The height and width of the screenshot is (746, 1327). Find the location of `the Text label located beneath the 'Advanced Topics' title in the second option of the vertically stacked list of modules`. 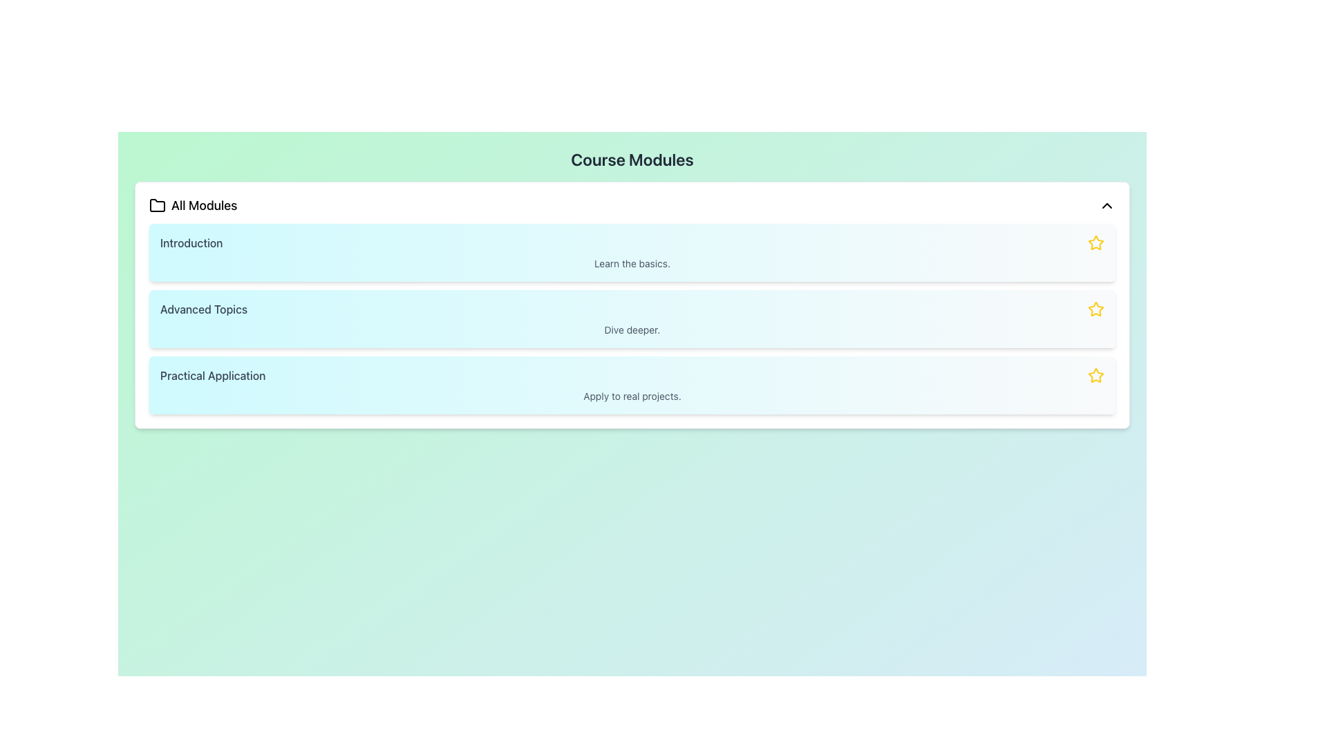

the Text label located beneath the 'Advanced Topics' title in the second option of the vertically stacked list of modules is located at coordinates (632, 330).